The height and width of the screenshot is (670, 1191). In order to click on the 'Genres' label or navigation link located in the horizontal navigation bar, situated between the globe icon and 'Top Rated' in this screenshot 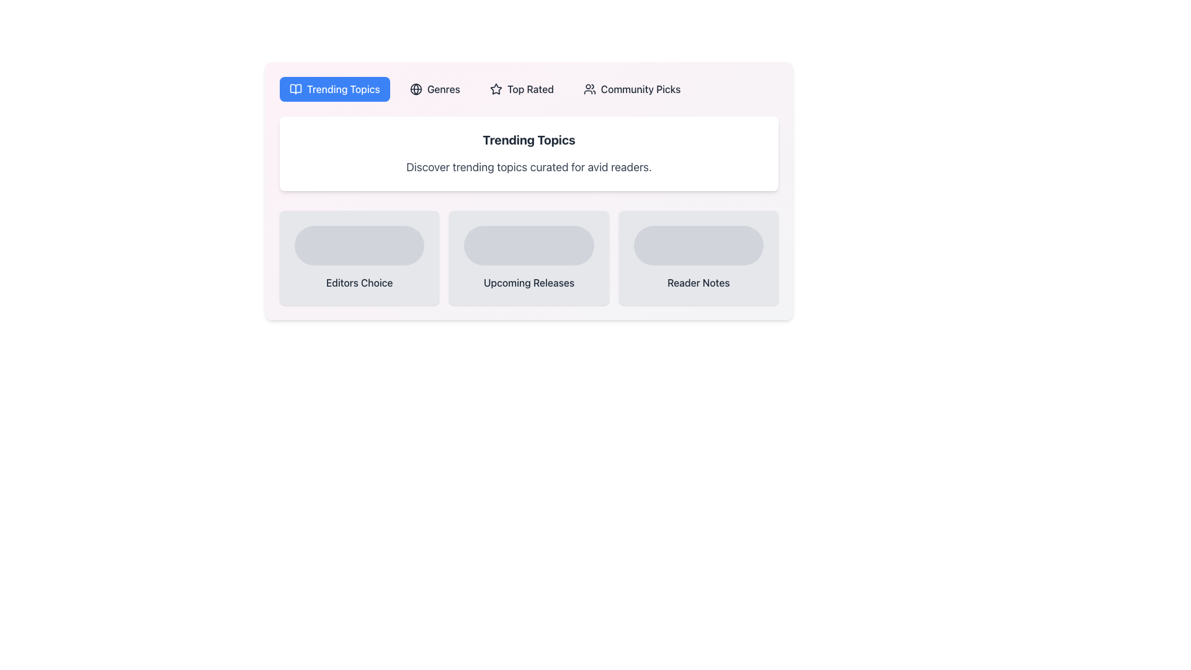, I will do `click(444, 88)`.